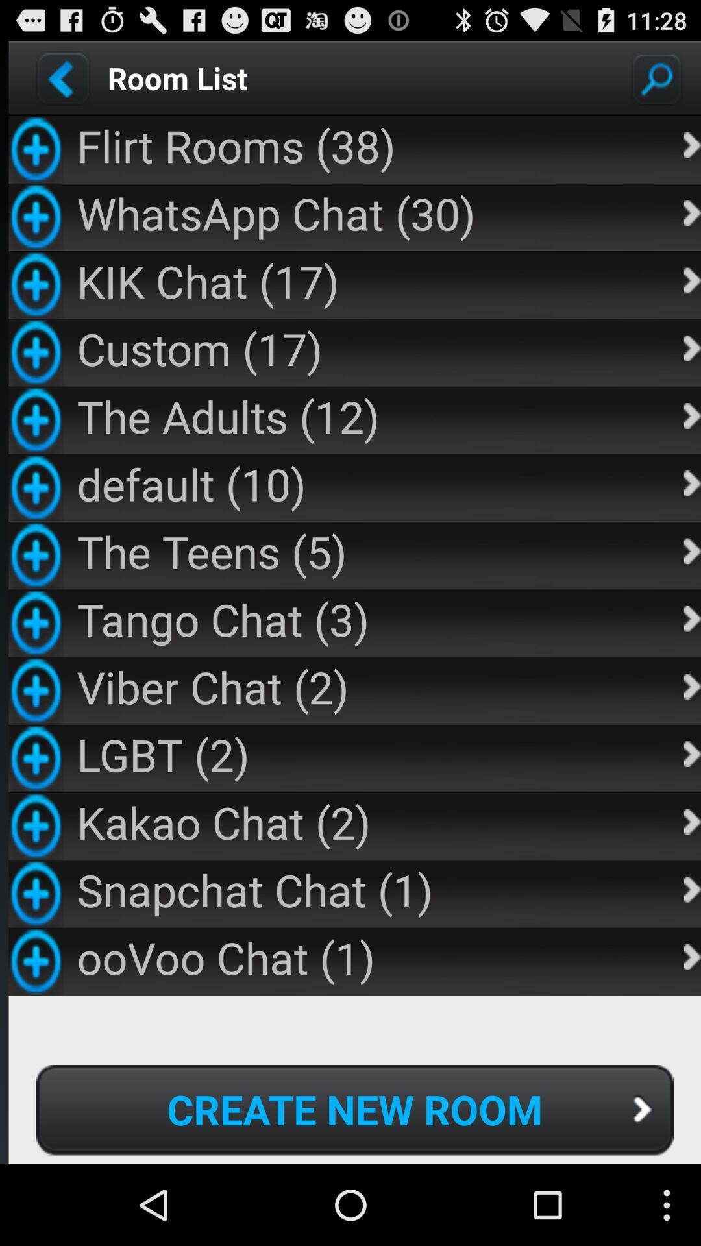 Image resolution: width=701 pixels, height=1246 pixels. What do you see at coordinates (354, 1109) in the screenshot?
I see `the create new room item` at bounding box center [354, 1109].